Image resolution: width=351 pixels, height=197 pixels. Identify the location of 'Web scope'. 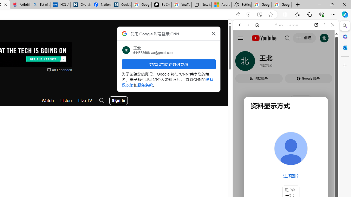
(242, 49).